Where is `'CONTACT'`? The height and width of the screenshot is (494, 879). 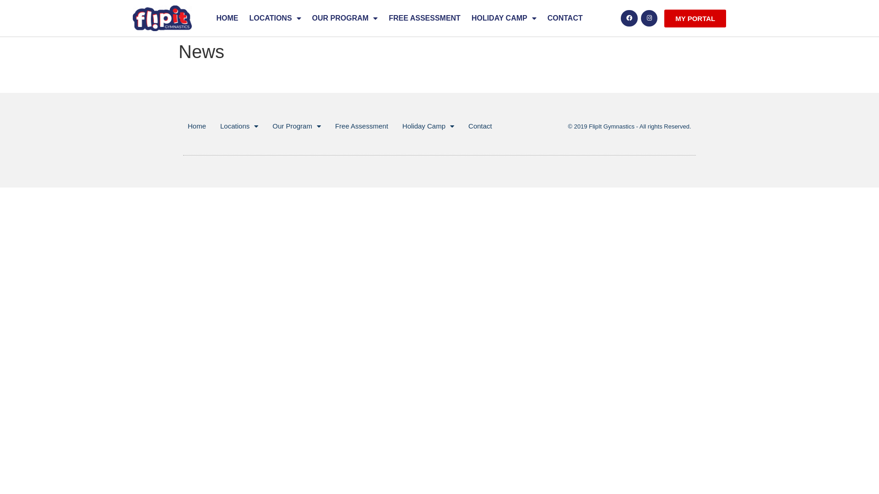
'CONTACT' is located at coordinates (564, 18).